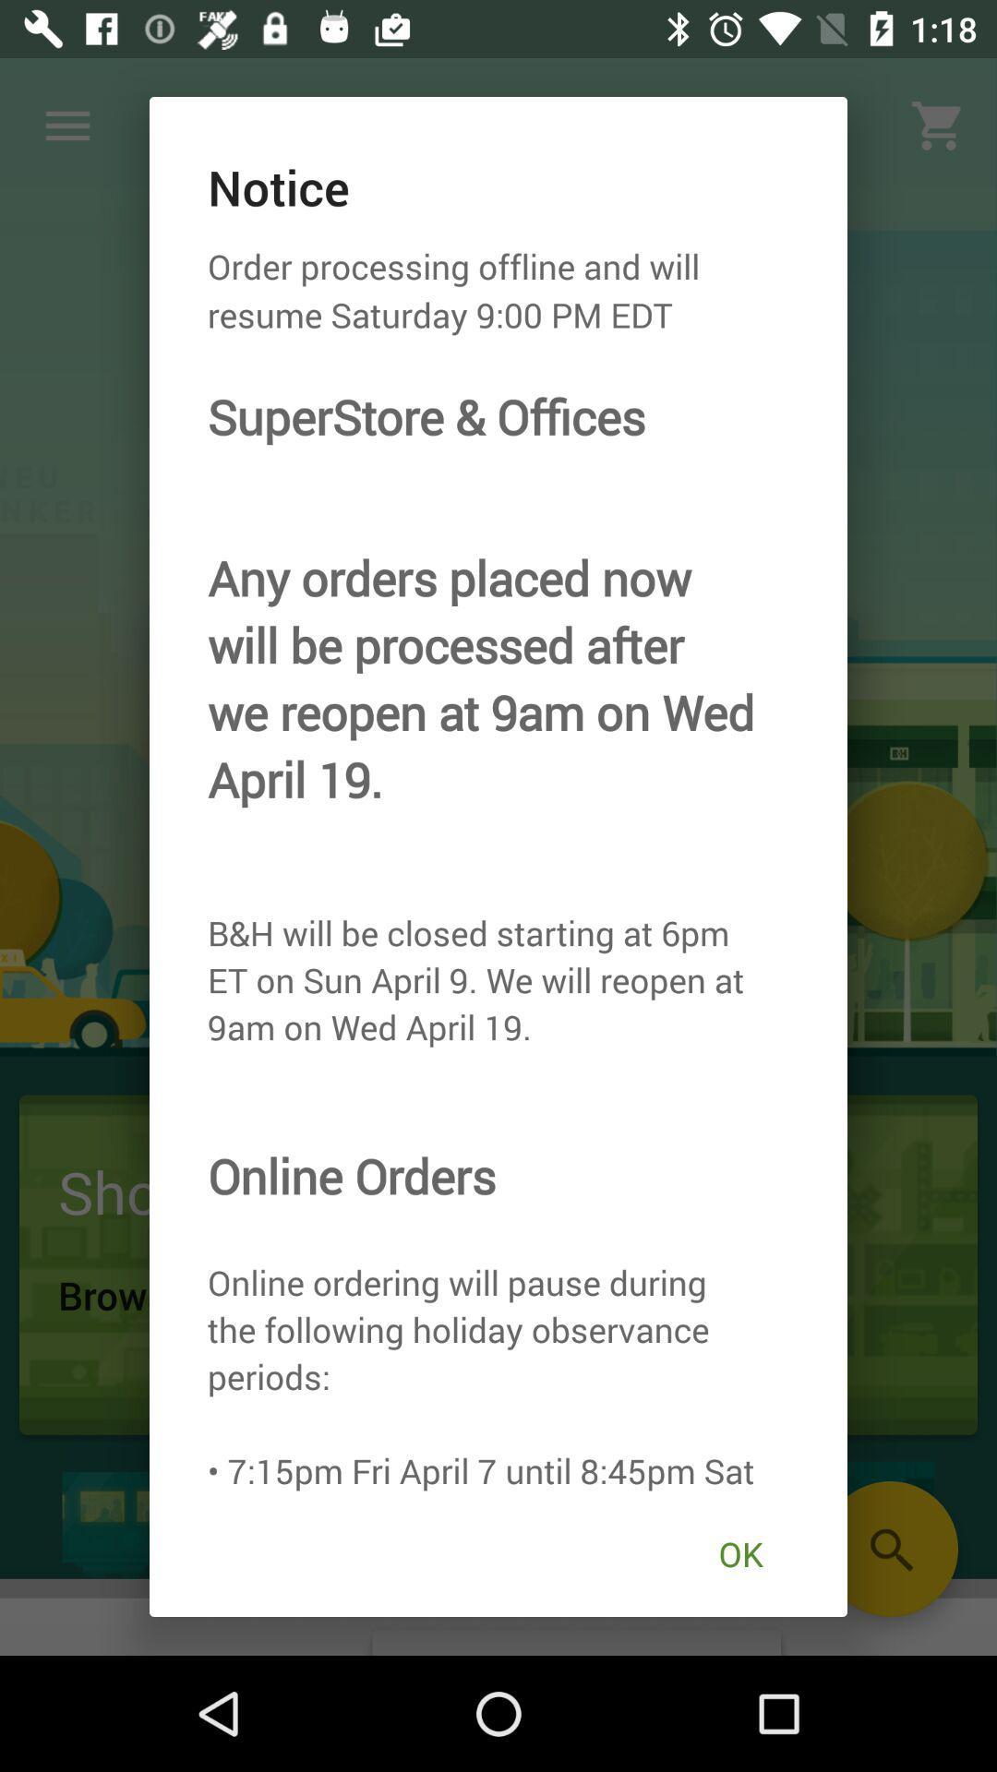 This screenshot has height=1772, width=997. What do you see at coordinates (739, 1552) in the screenshot?
I see `ok icon` at bounding box center [739, 1552].